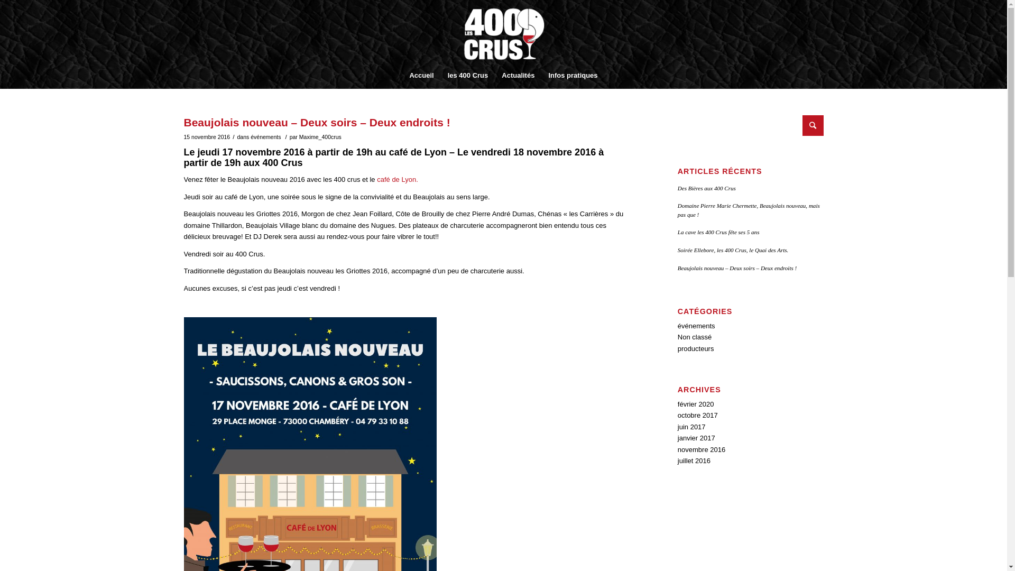  Describe the element at coordinates (677, 449) in the screenshot. I see `'novembre 2016'` at that location.